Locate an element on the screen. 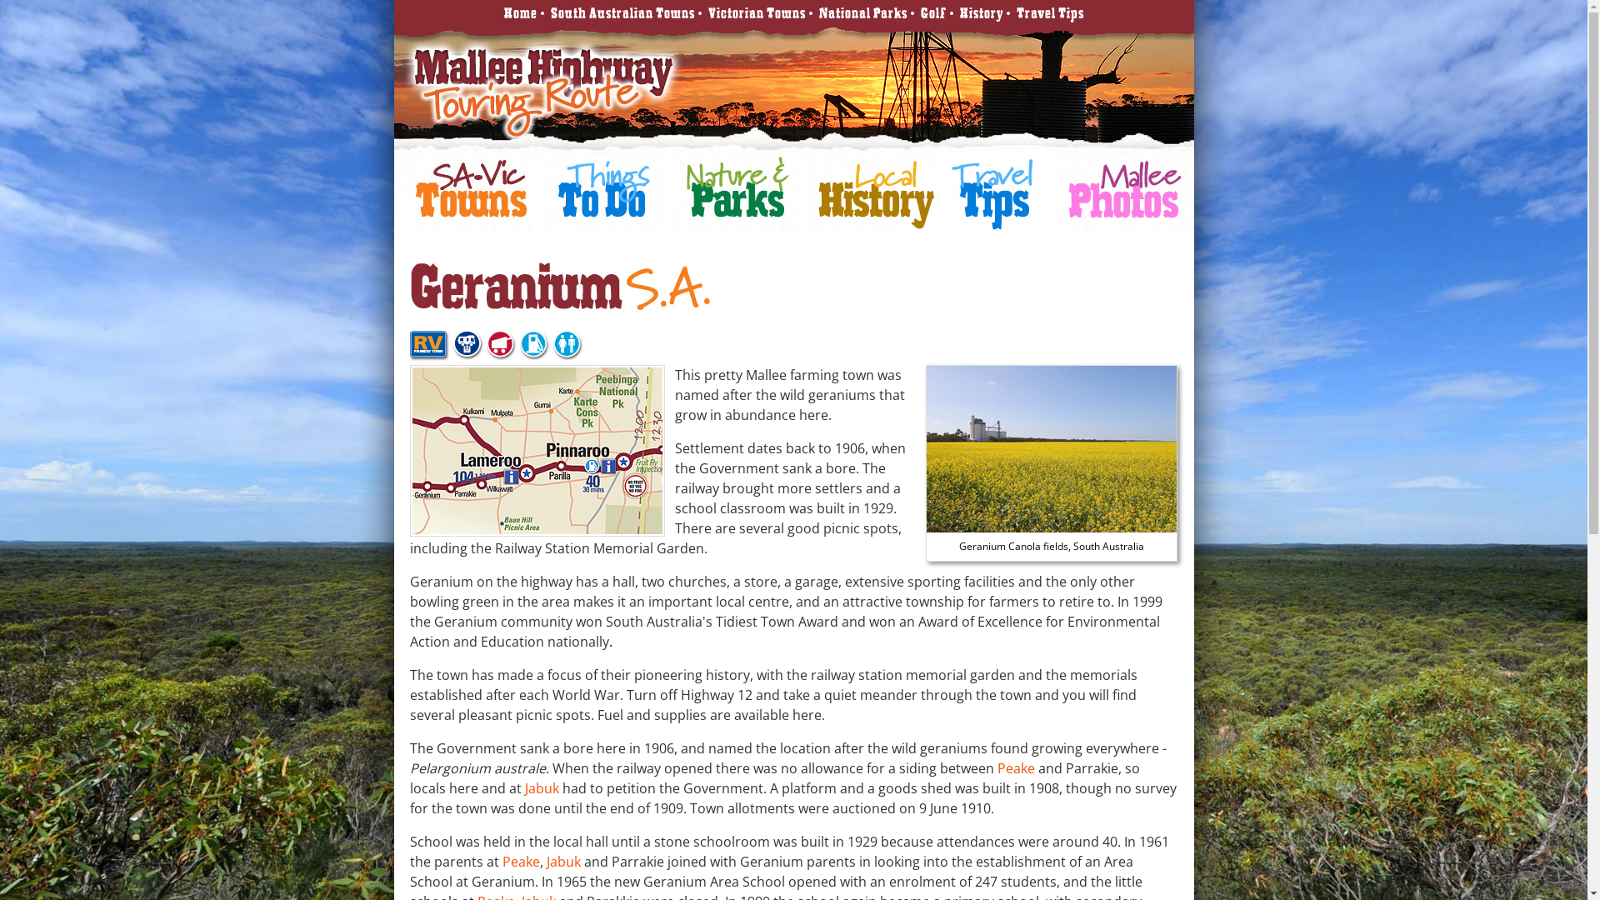 This screenshot has height=900, width=1600. 'History' is located at coordinates (981, 12).